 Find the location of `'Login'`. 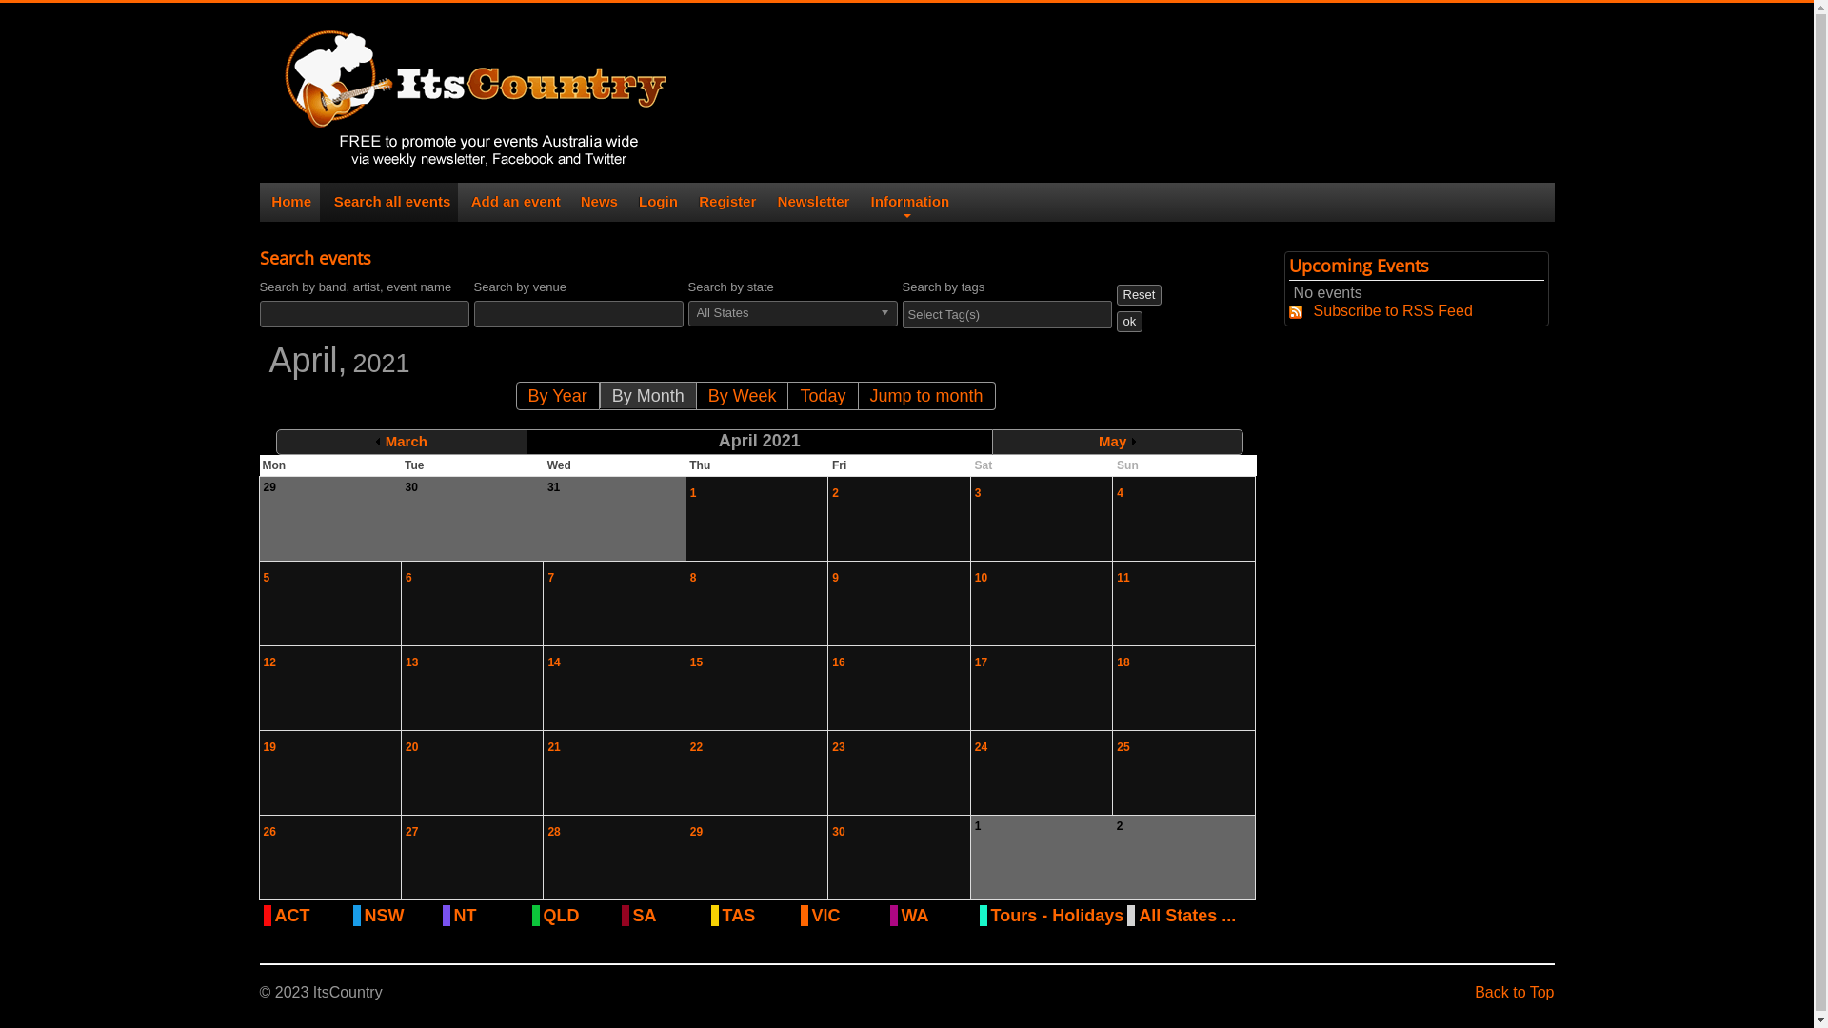

'Login' is located at coordinates (656, 202).